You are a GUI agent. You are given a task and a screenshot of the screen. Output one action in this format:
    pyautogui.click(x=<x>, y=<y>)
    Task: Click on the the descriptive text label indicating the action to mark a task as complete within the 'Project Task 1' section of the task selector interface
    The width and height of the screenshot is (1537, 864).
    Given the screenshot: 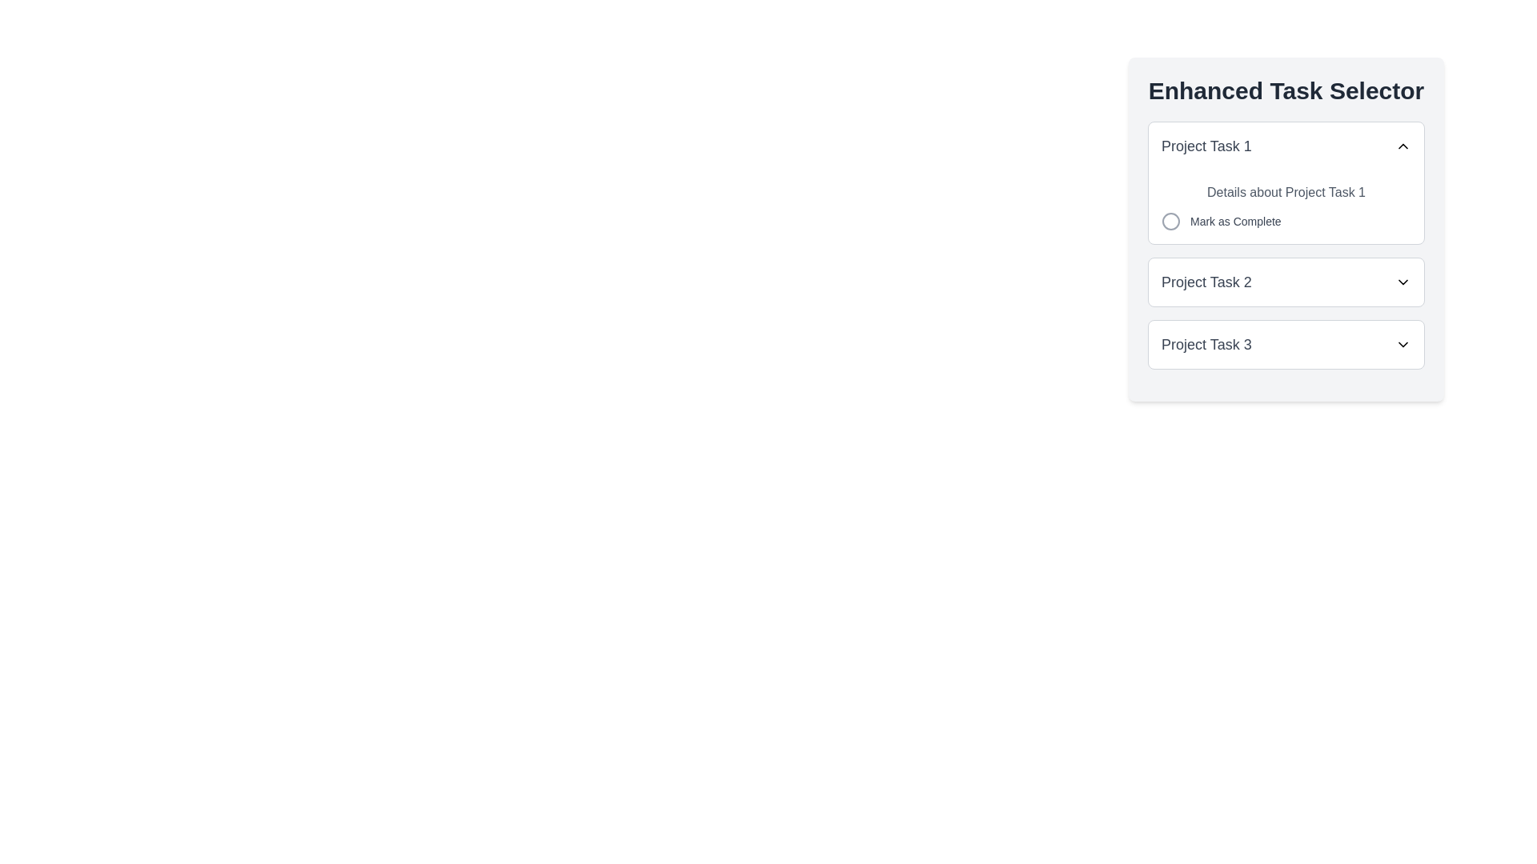 What is the action you would take?
    pyautogui.click(x=1234, y=222)
    